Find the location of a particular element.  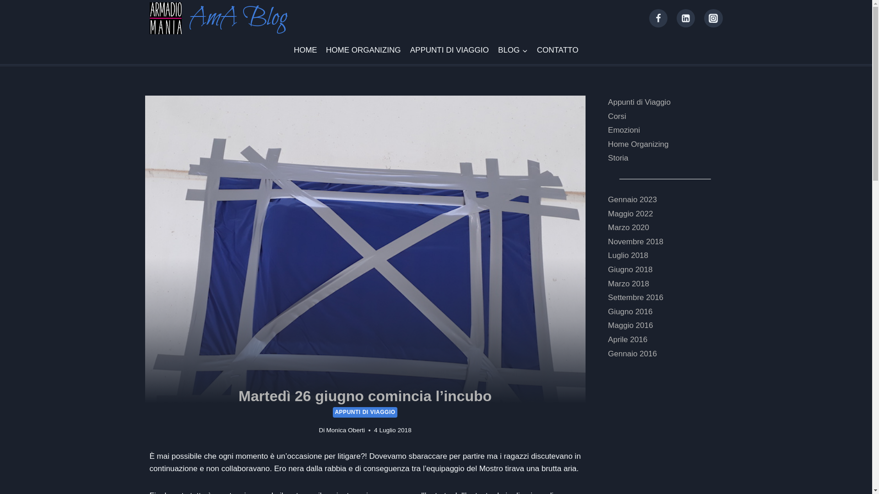

'Novembre 2018' is located at coordinates (635, 241).